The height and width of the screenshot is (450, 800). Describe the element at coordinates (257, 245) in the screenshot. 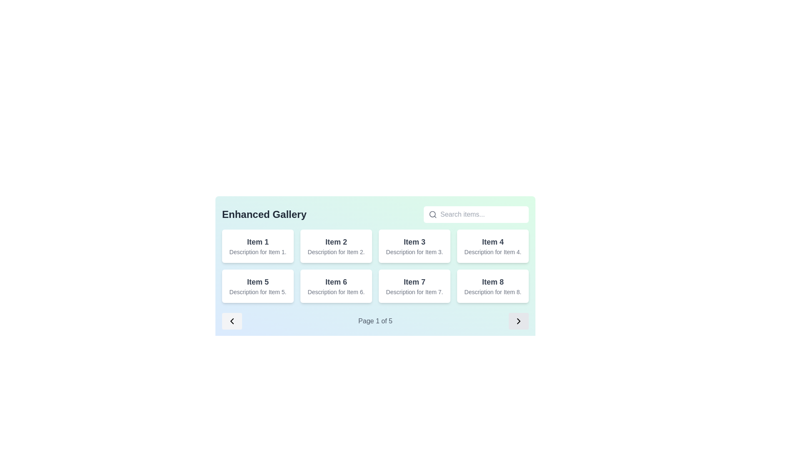

I see `the Information card located in the top-left of the grid layout, which displays concise information about an item` at that location.